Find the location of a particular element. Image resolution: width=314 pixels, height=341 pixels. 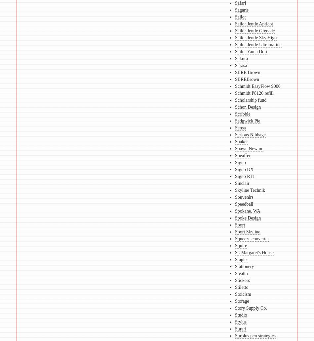

'Sheaffer' is located at coordinates (242, 155).